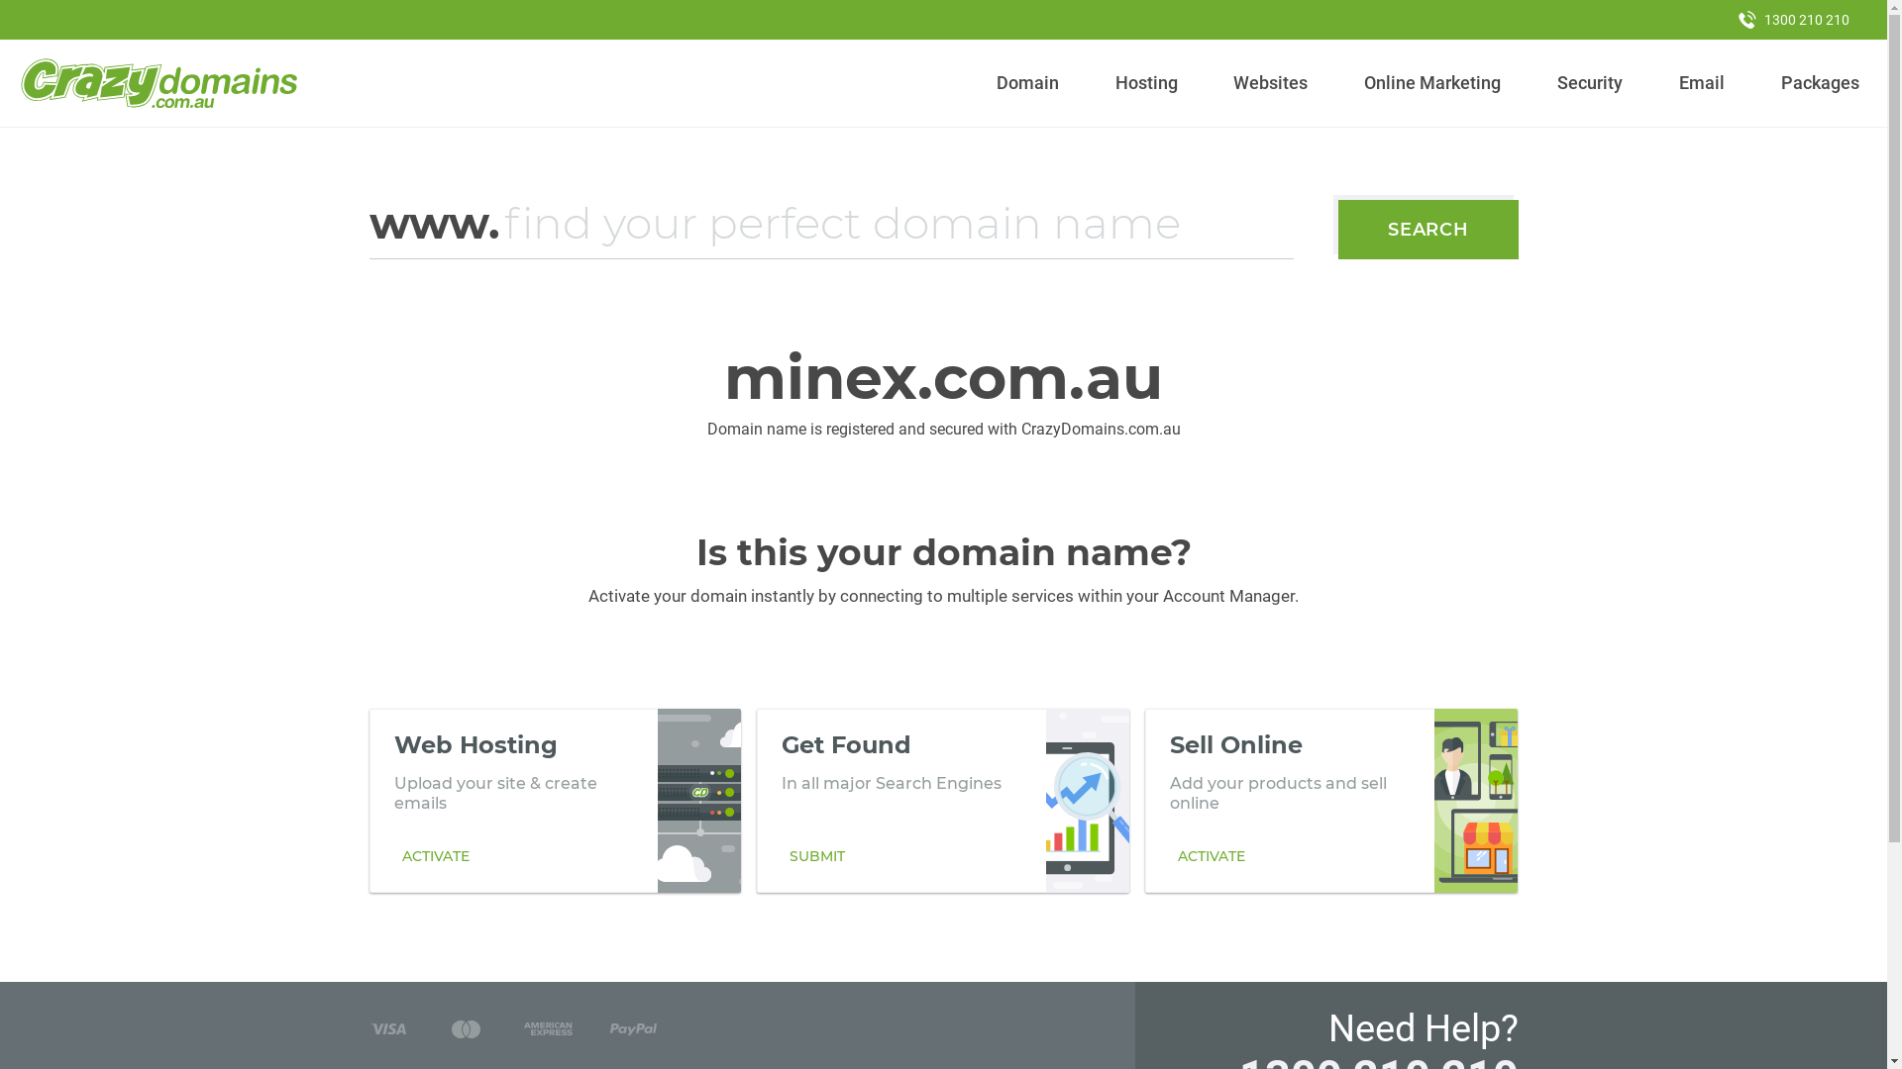  Describe the element at coordinates (1027, 82) in the screenshot. I see `'Domain'` at that location.